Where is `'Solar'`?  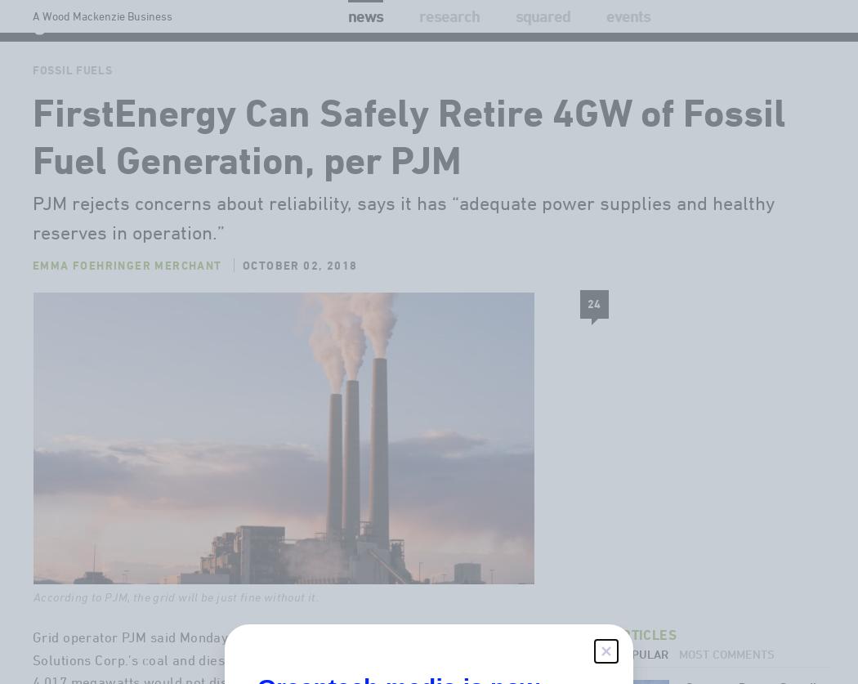
'Solar' is located at coordinates (159, 69).